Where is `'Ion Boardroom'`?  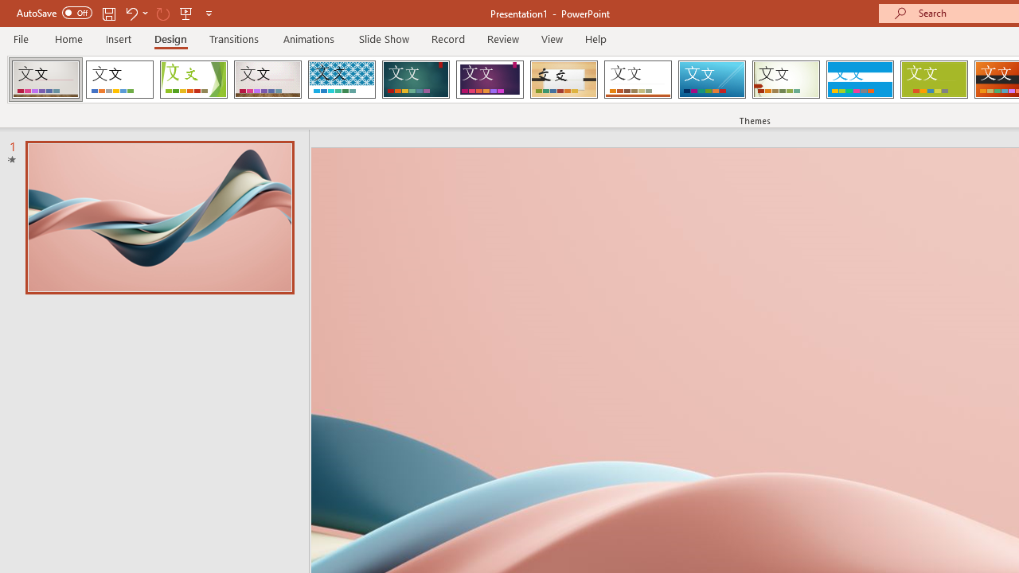
'Ion Boardroom' is located at coordinates (489, 80).